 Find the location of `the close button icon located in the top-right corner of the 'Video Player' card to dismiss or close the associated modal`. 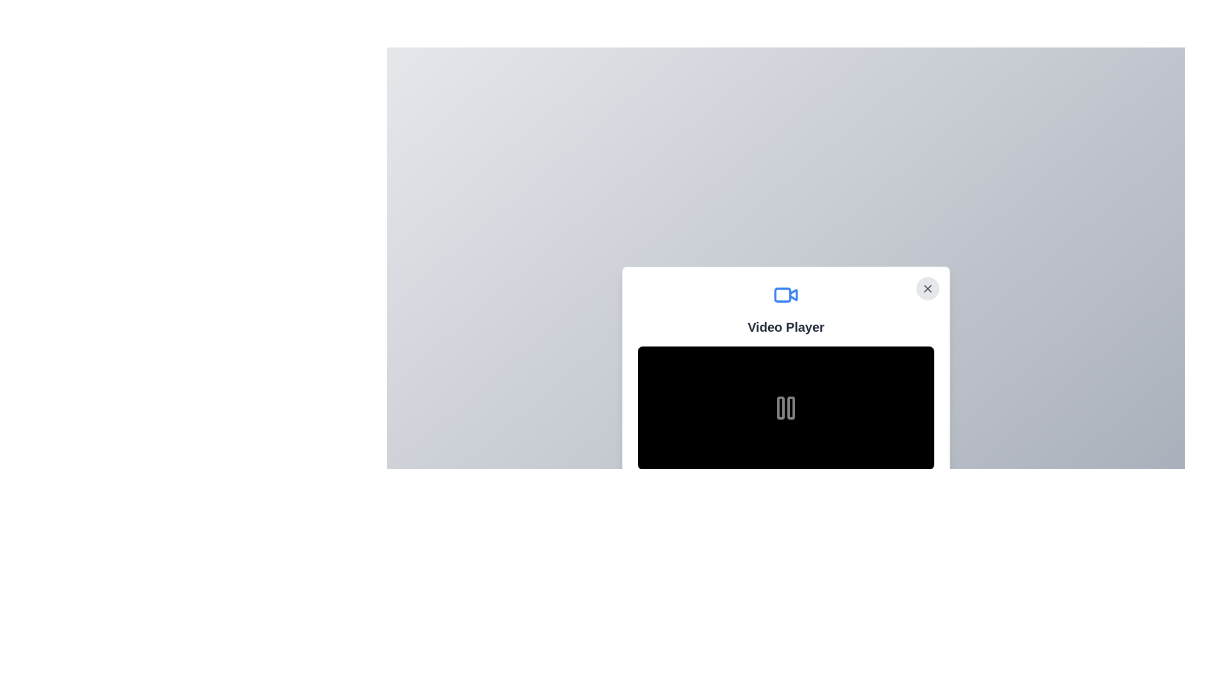

the close button icon located in the top-right corner of the 'Video Player' card to dismiss or close the associated modal is located at coordinates (927, 289).